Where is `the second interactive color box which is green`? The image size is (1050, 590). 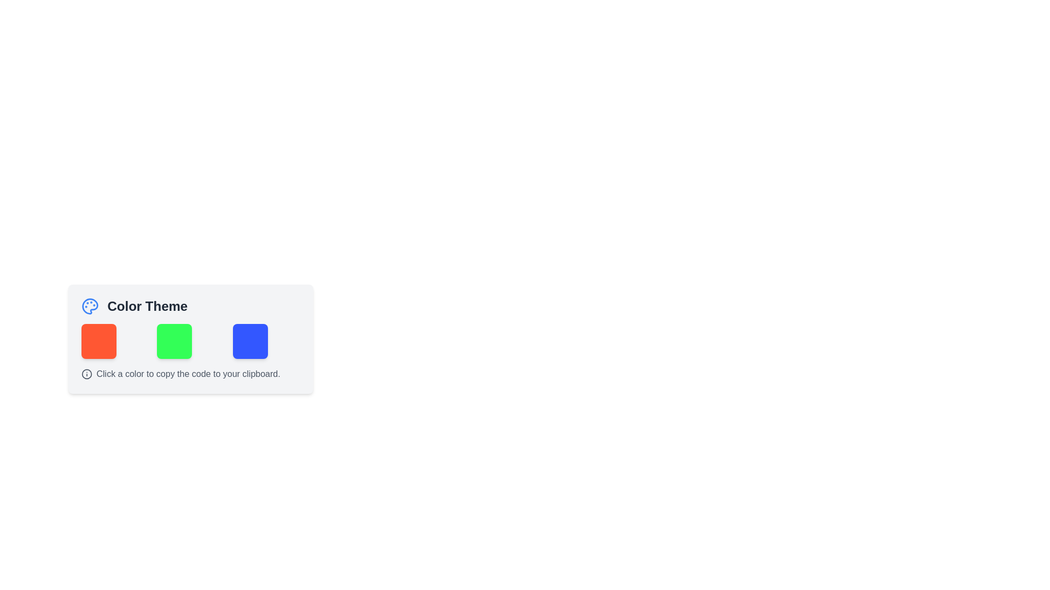
the second interactive color box which is green is located at coordinates (174, 340).